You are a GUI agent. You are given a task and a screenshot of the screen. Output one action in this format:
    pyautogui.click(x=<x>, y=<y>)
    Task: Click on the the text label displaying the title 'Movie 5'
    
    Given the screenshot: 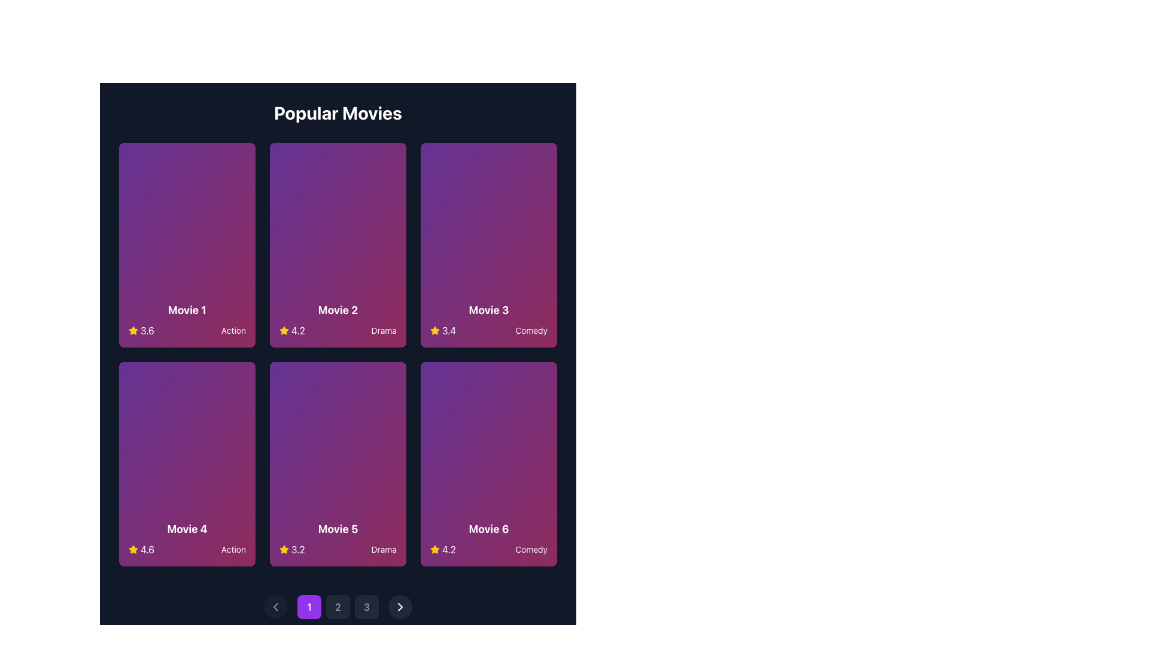 What is the action you would take?
    pyautogui.click(x=338, y=528)
    